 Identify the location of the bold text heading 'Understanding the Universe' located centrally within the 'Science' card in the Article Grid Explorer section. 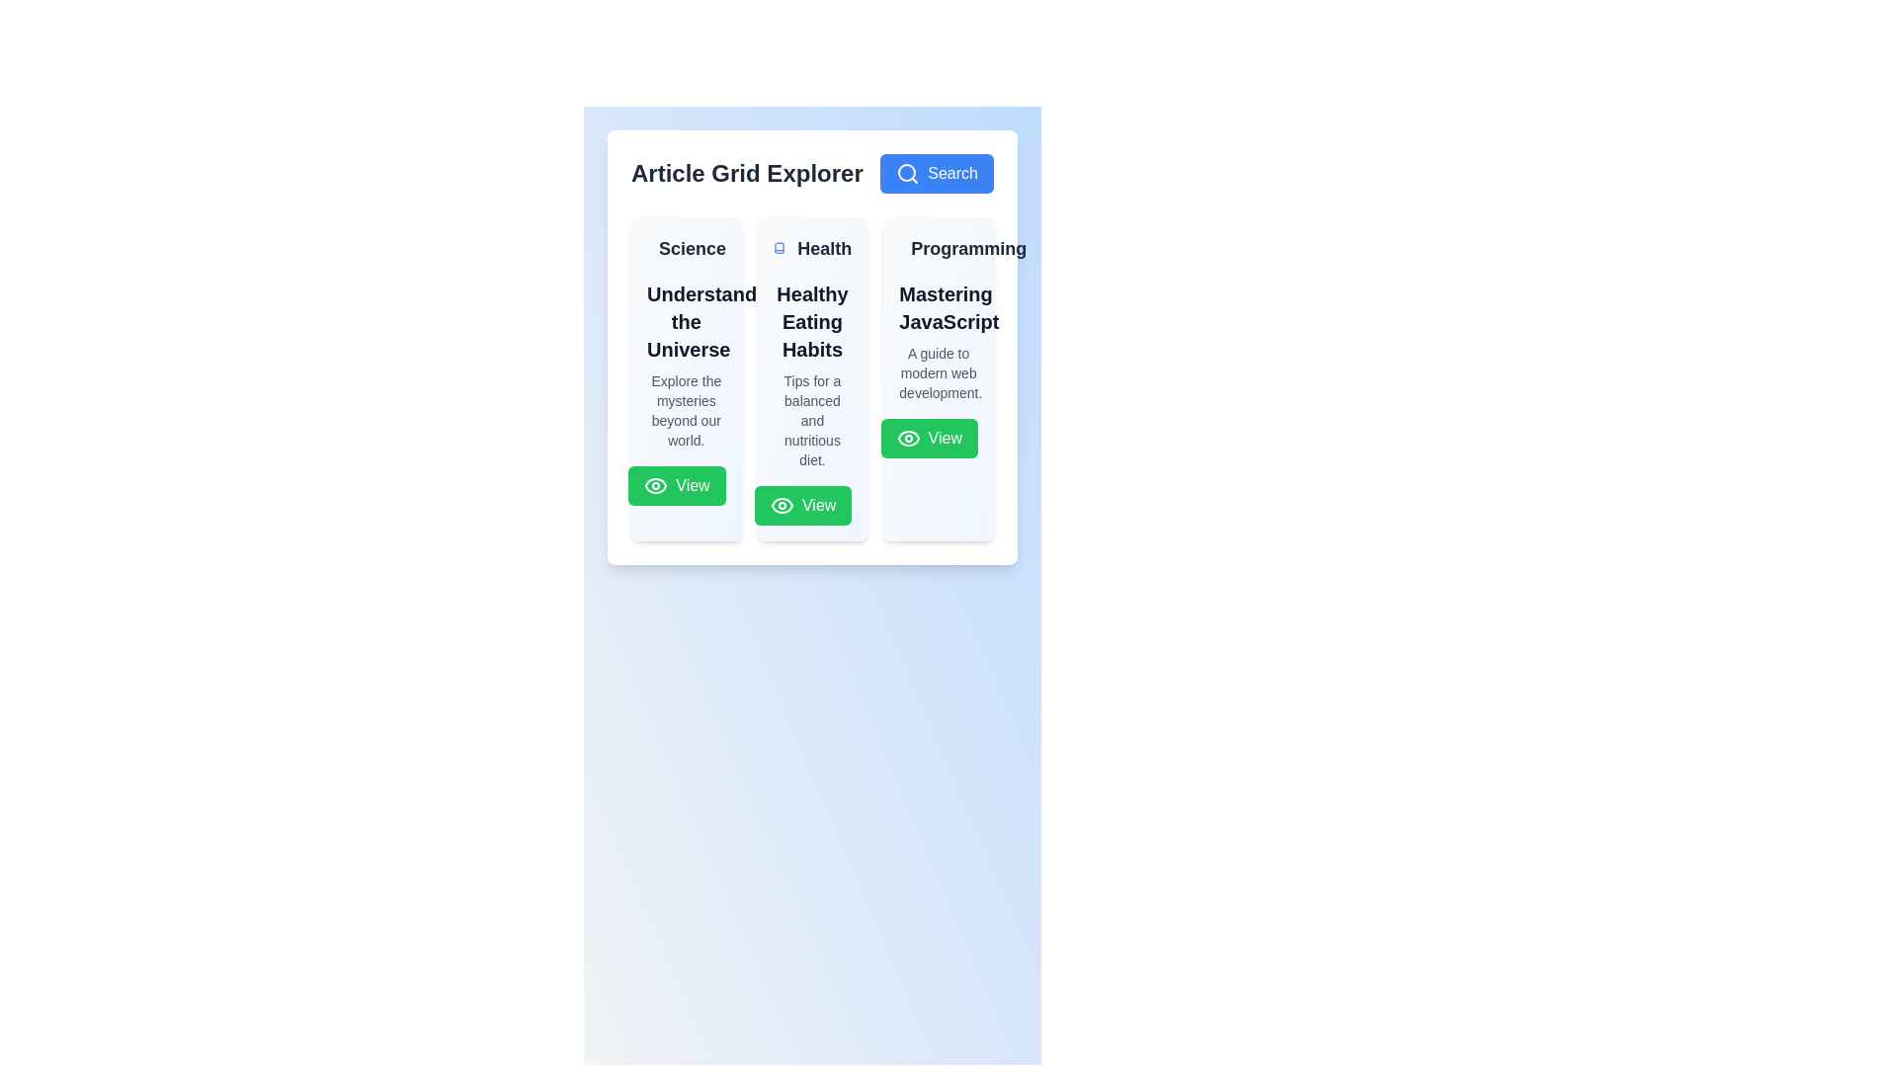
(686, 321).